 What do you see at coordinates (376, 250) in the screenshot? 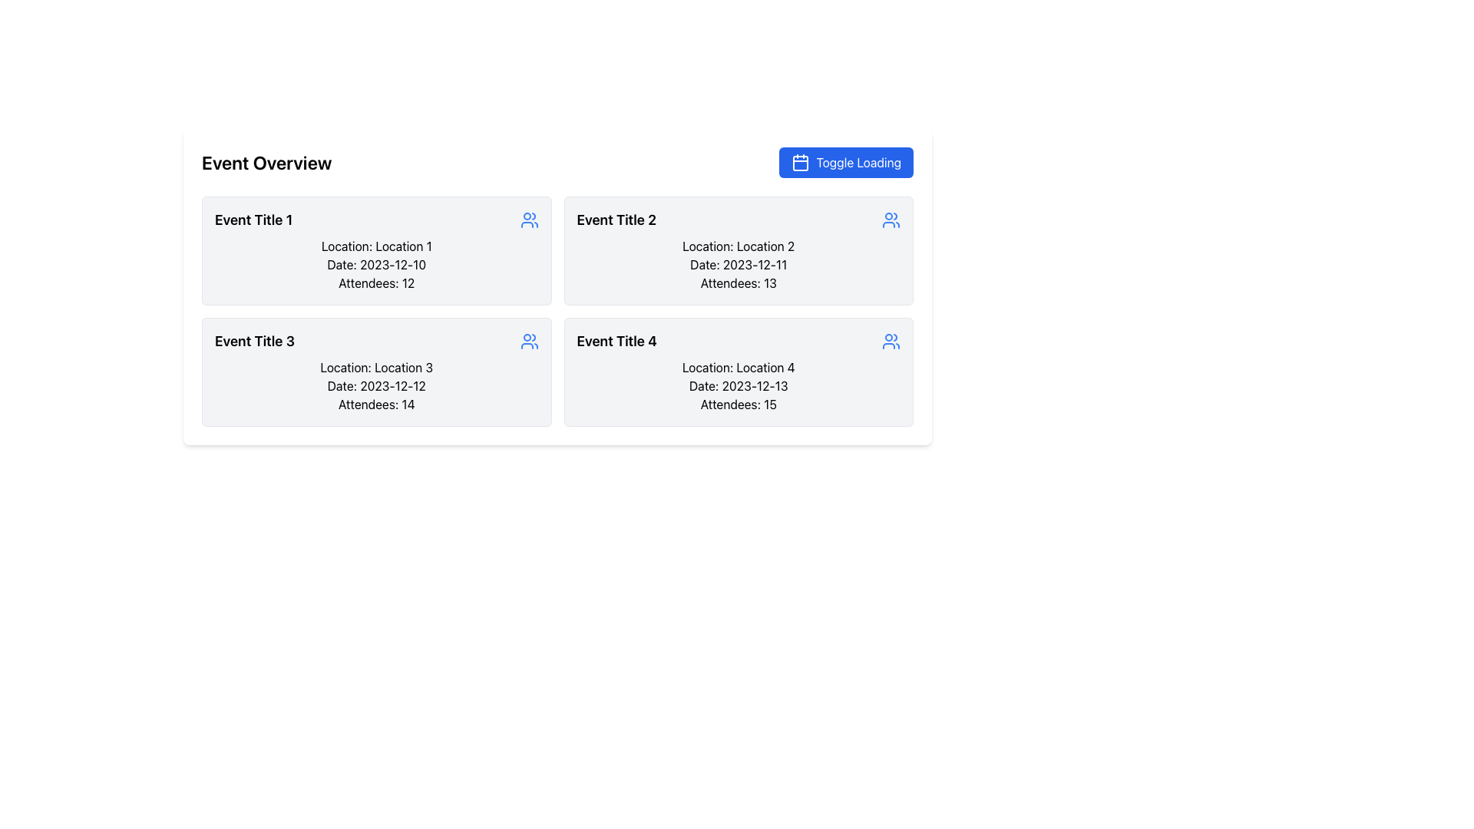
I see `the Event Information Panel displaying 'Event Title 1'` at bounding box center [376, 250].